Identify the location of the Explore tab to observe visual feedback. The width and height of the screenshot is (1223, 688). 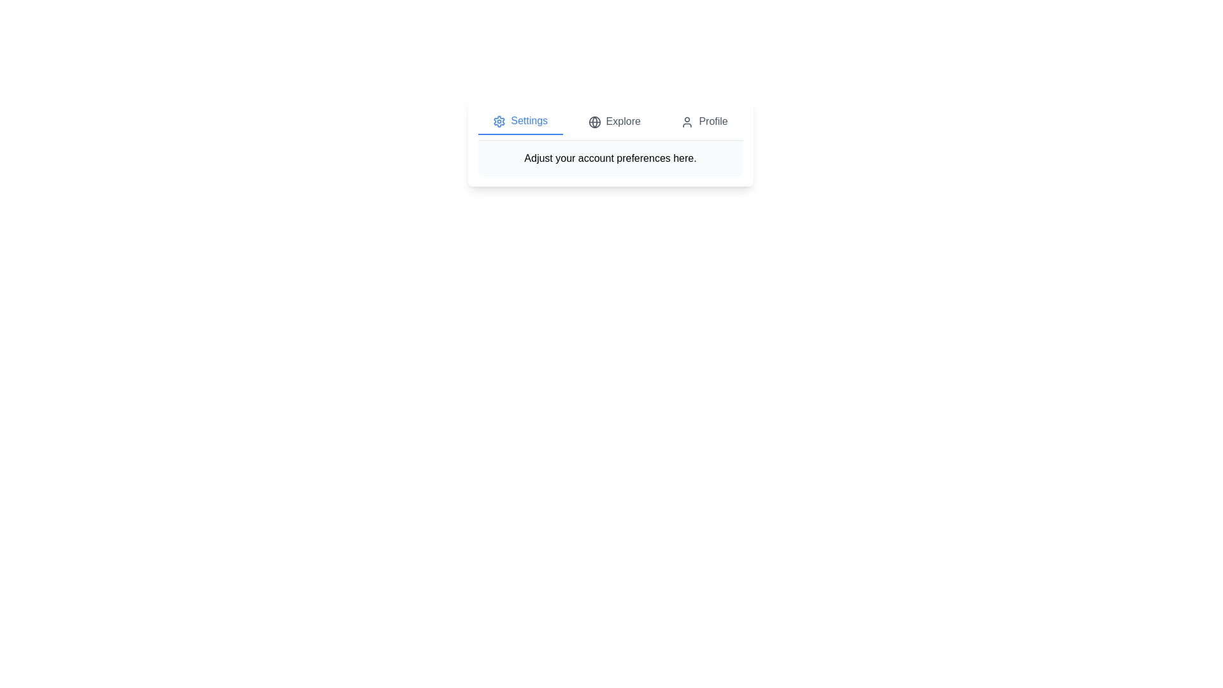
(614, 122).